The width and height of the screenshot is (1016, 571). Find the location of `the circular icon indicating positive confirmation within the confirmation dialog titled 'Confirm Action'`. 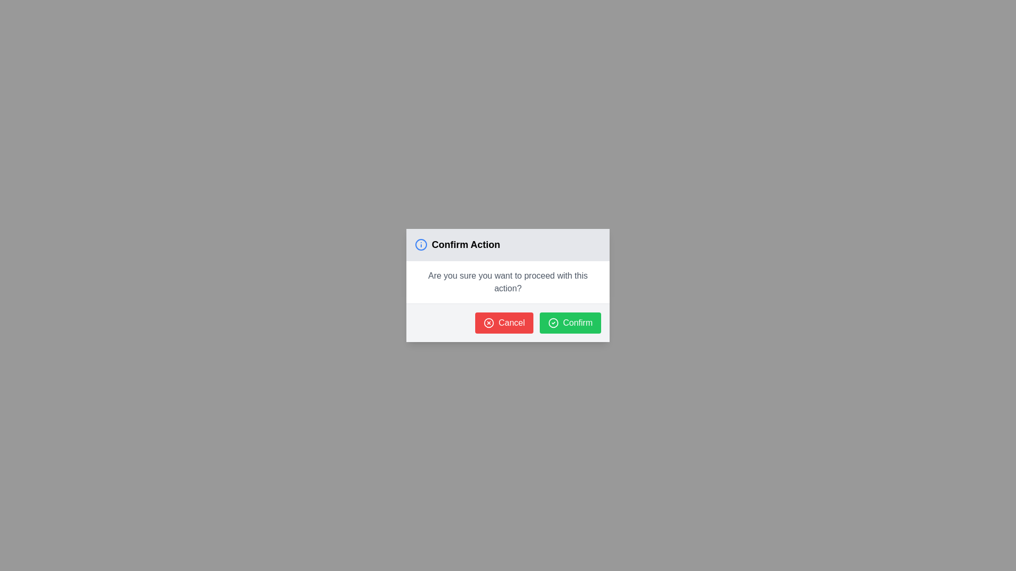

the circular icon indicating positive confirmation within the confirmation dialog titled 'Confirm Action' is located at coordinates (553, 322).